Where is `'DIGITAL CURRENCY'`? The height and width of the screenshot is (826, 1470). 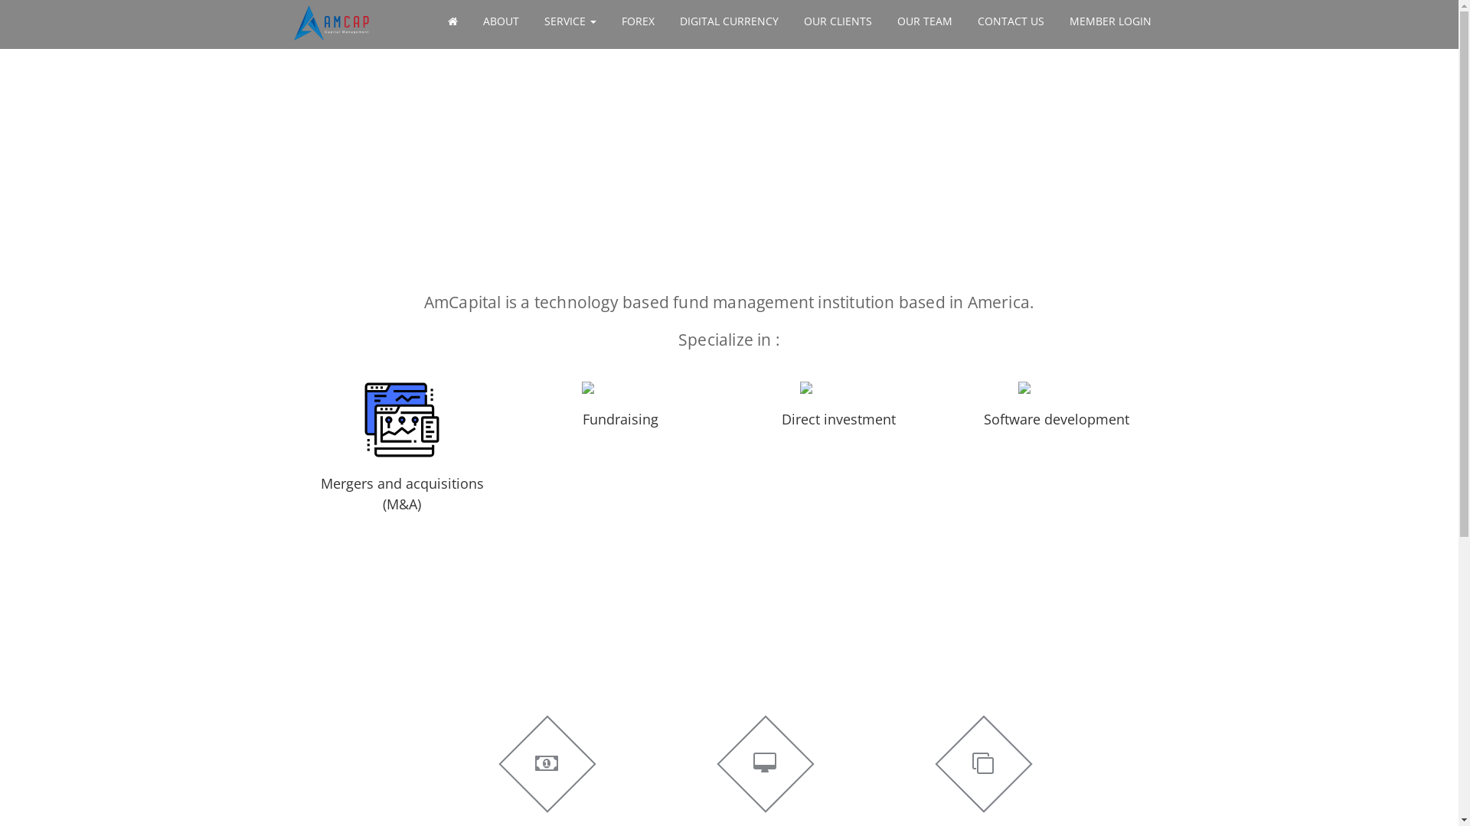
'DIGITAL CURRENCY' is located at coordinates (728, 21).